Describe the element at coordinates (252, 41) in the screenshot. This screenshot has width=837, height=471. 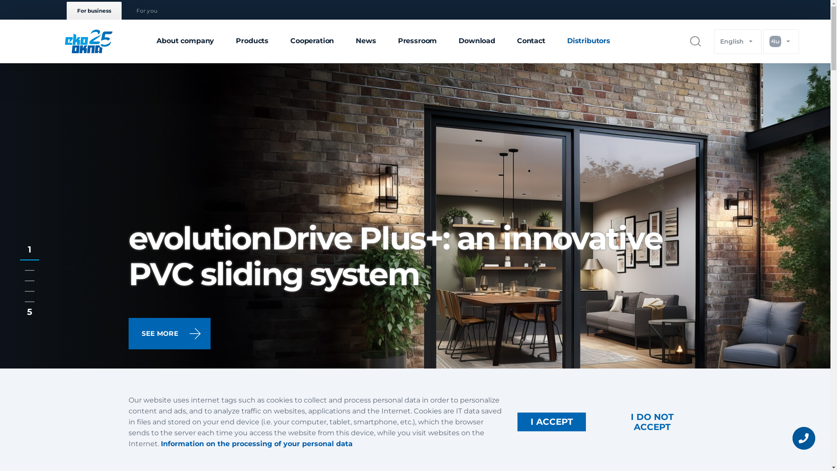
I see `'Products'` at that location.